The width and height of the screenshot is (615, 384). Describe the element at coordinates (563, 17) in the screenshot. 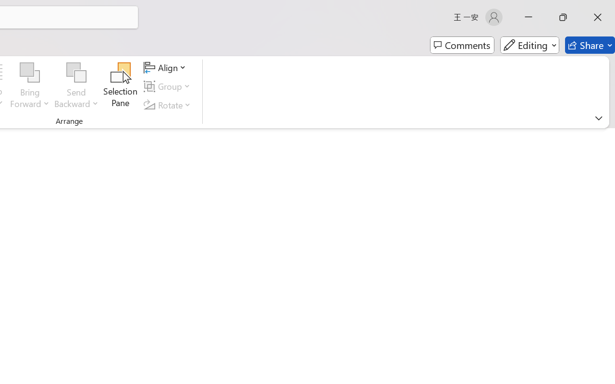

I see `'Restore Down'` at that location.